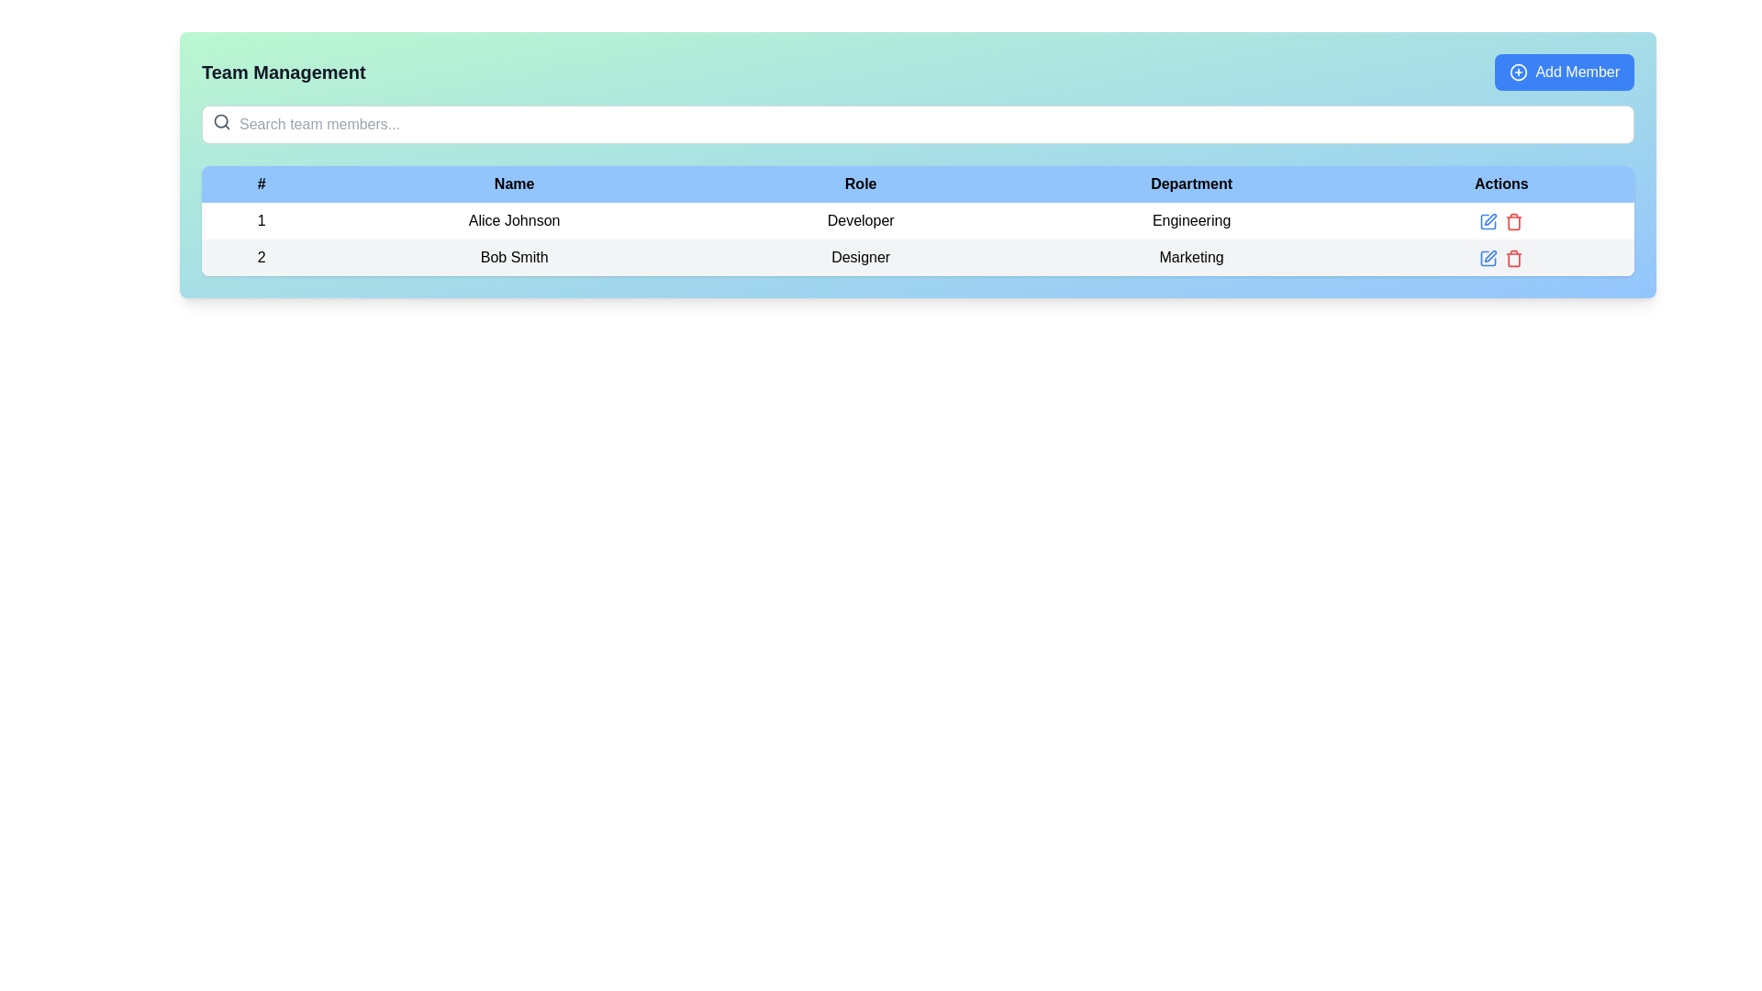 Image resolution: width=1762 pixels, height=991 pixels. Describe the element at coordinates (283, 71) in the screenshot. I see `the 'Team Management' text label located in the upper-left corner of the interface header, positioned above the search bar and to the left of the 'Add Member' button` at that location.